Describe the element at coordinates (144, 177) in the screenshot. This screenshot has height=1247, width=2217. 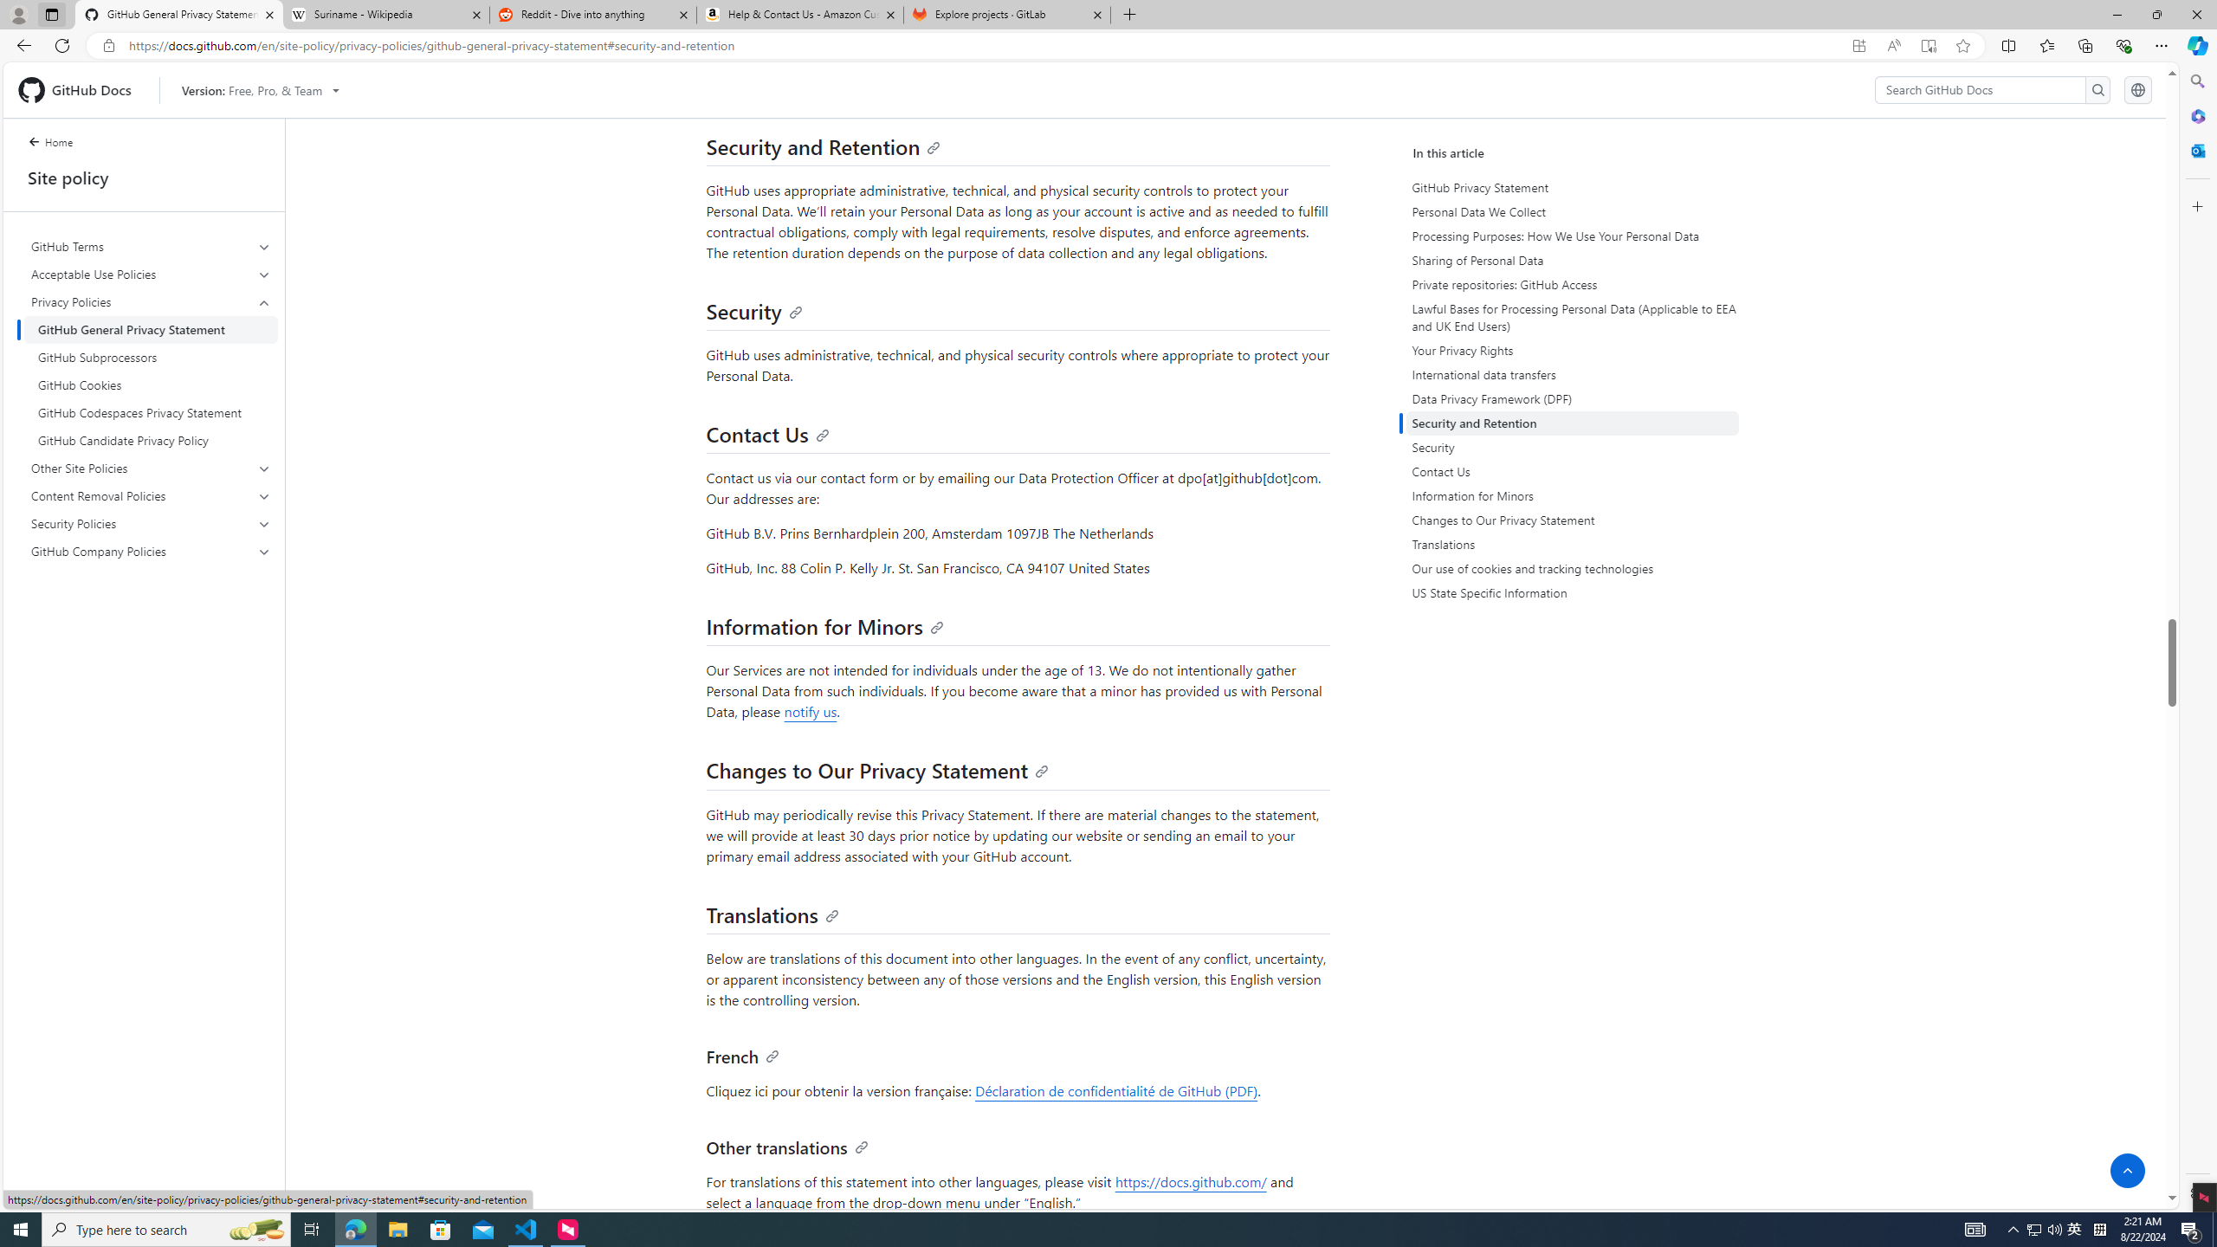
I see `'Site policy'` at that location.